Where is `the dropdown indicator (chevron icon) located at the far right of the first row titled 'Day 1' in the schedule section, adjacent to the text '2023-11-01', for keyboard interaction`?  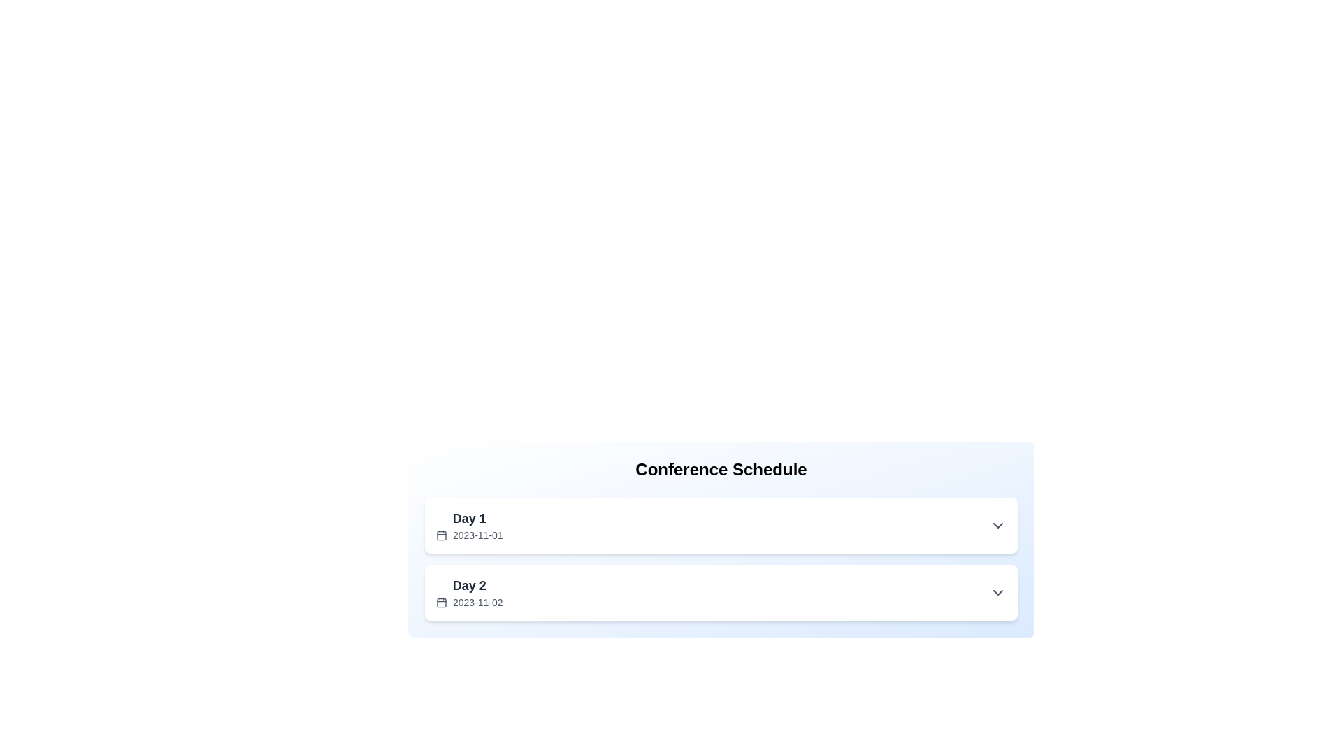 the dropdown indicator (chevron icon) located at the far right of the first row titled 'Day 1' in the schedule section, adjacent to the text '2023-11-01', for keyboard interaction is located at coordinates (997, 526).